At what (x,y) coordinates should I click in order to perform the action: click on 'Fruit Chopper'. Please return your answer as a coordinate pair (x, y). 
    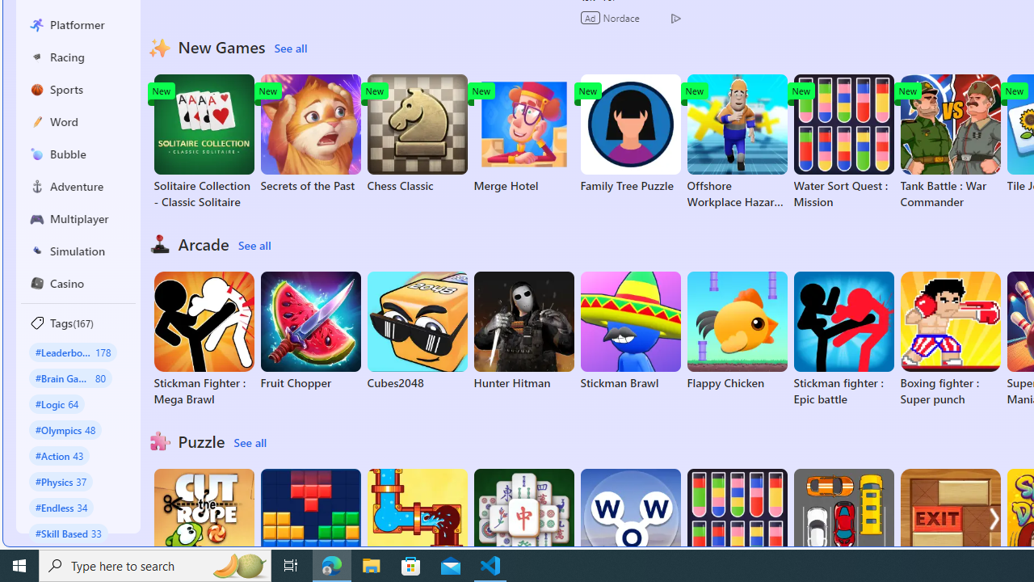
    Looking at the image, I should click on (310, 331).